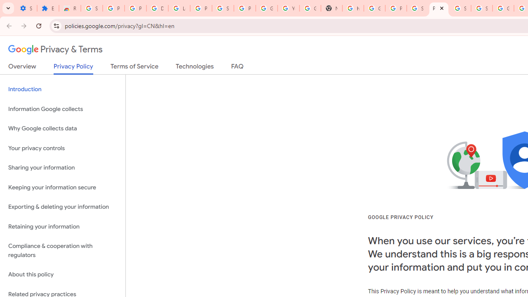 The image size is (528, 297). What do you see at coordinates (157, 8) in the screenshot?
I see `'Delete photos & videos - Computer - Google Photos Help'` at bounding box center [157, 8].